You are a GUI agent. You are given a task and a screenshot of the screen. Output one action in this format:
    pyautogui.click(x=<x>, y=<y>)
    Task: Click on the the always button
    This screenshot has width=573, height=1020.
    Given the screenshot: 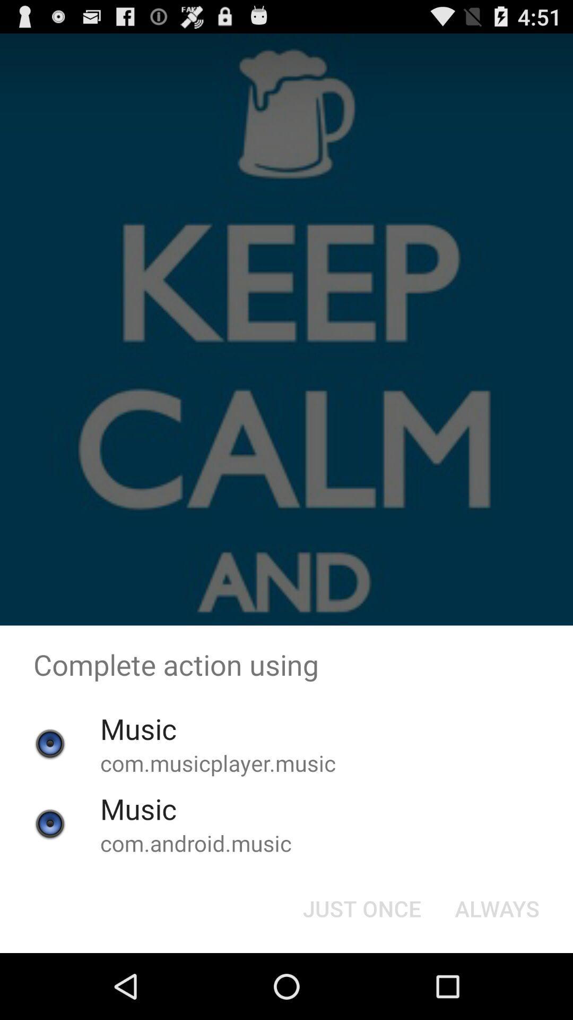 What is the action you would take?
    pyautogui.click(x=497, y=907)
    